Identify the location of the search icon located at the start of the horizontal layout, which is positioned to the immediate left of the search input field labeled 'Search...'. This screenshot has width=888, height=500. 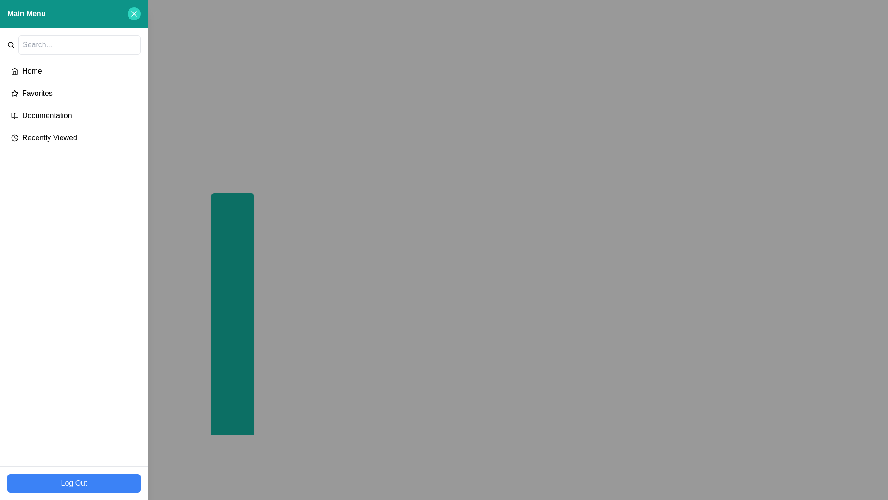
(11, 44).